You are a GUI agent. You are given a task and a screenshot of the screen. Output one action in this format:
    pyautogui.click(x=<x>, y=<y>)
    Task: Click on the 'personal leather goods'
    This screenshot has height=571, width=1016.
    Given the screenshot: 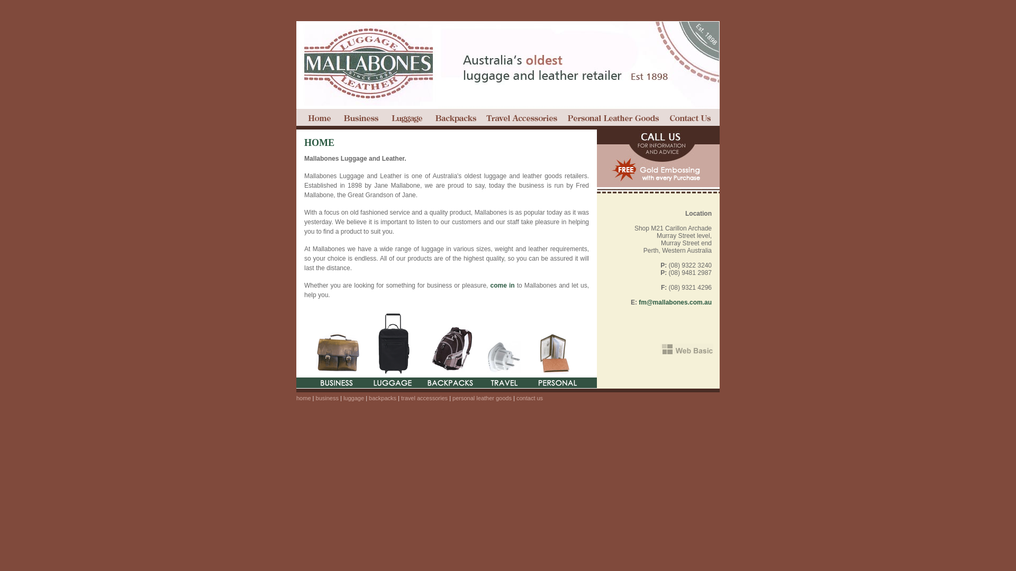 What is the action you would take?
    pyautogui.click(x=482, y=398)
    